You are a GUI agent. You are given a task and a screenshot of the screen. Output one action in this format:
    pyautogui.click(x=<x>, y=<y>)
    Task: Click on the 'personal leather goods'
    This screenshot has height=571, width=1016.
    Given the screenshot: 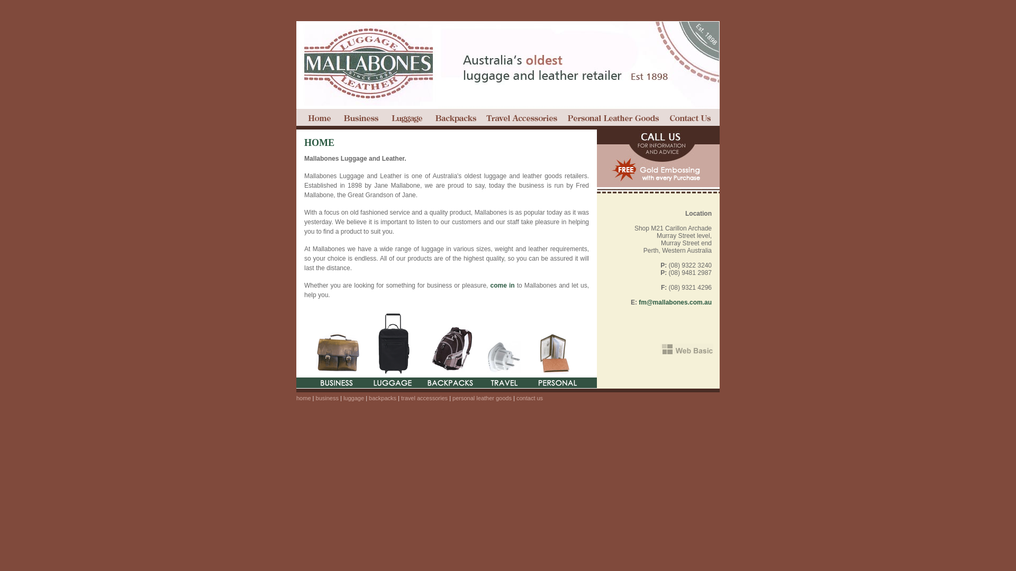 What is the action you would take?
    pyautogui.click(x=482, y=398)
    